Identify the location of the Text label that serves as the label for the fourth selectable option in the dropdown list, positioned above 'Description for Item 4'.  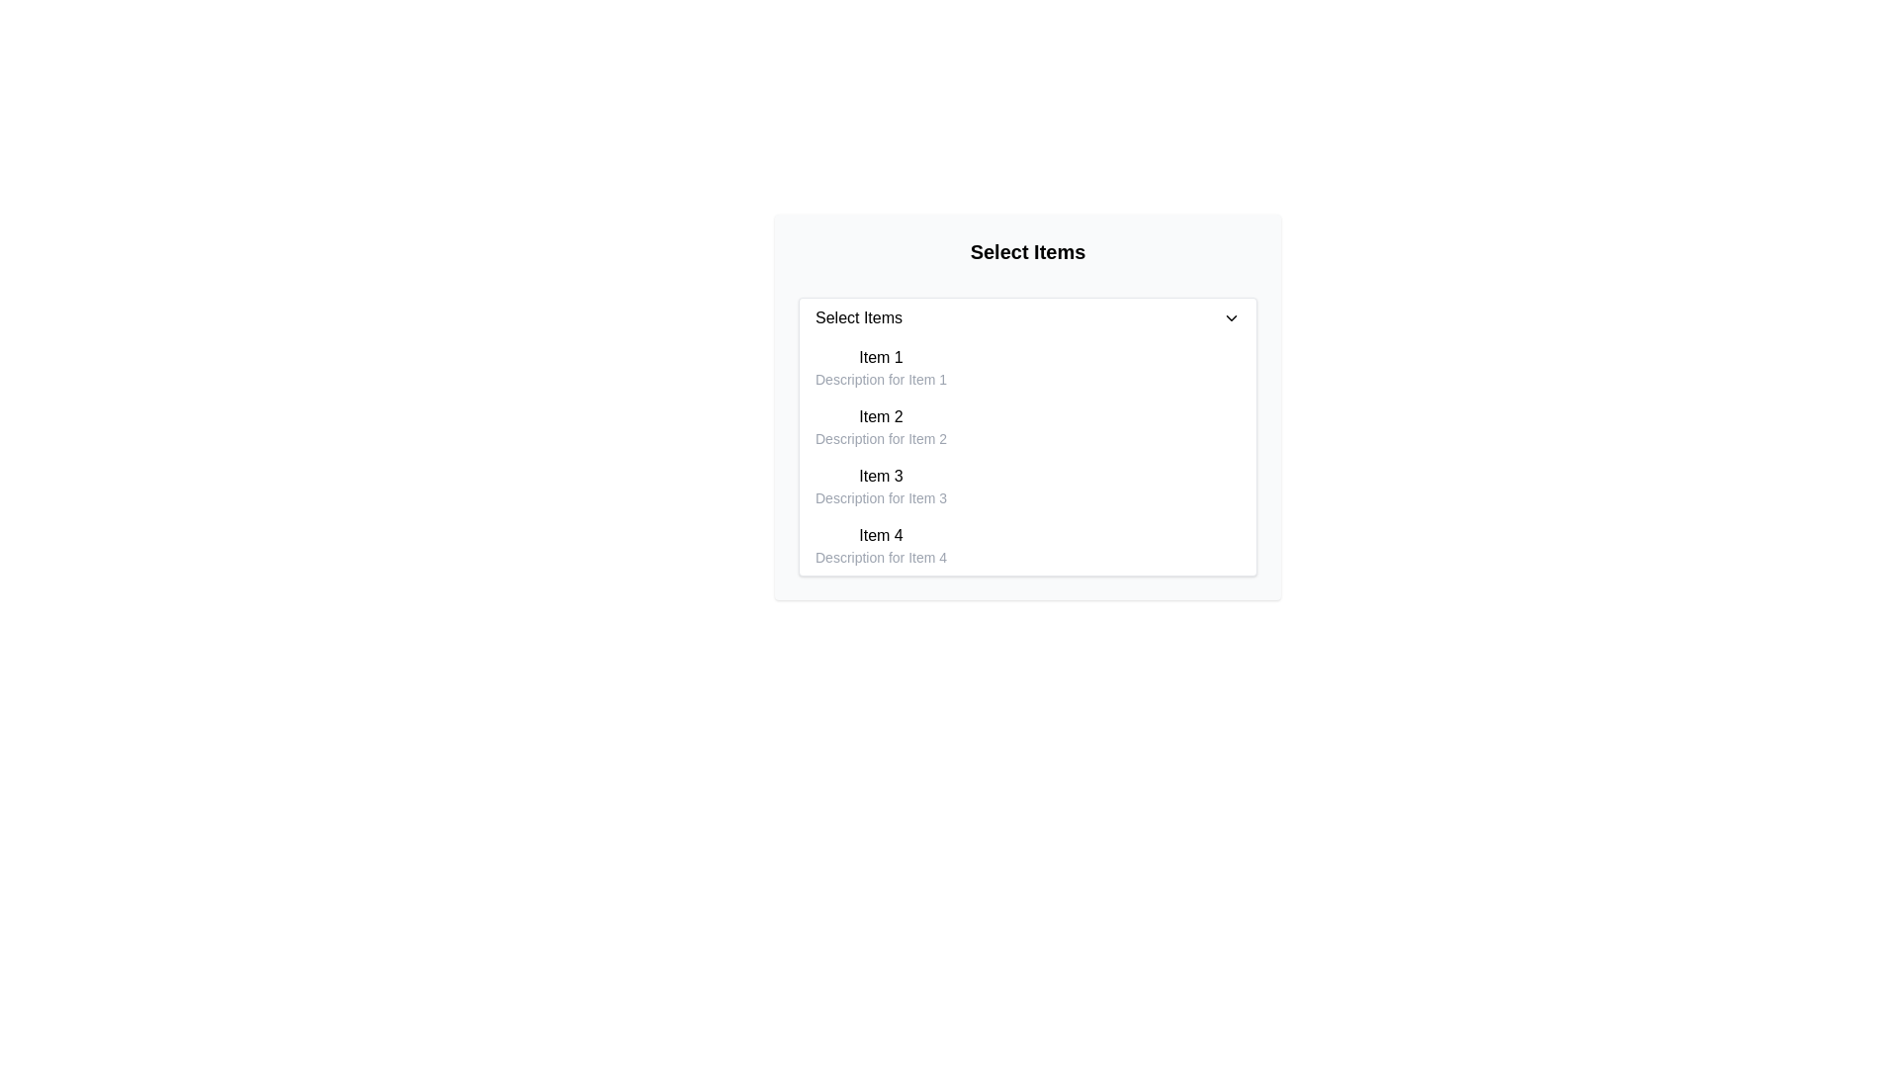
(880, 536).